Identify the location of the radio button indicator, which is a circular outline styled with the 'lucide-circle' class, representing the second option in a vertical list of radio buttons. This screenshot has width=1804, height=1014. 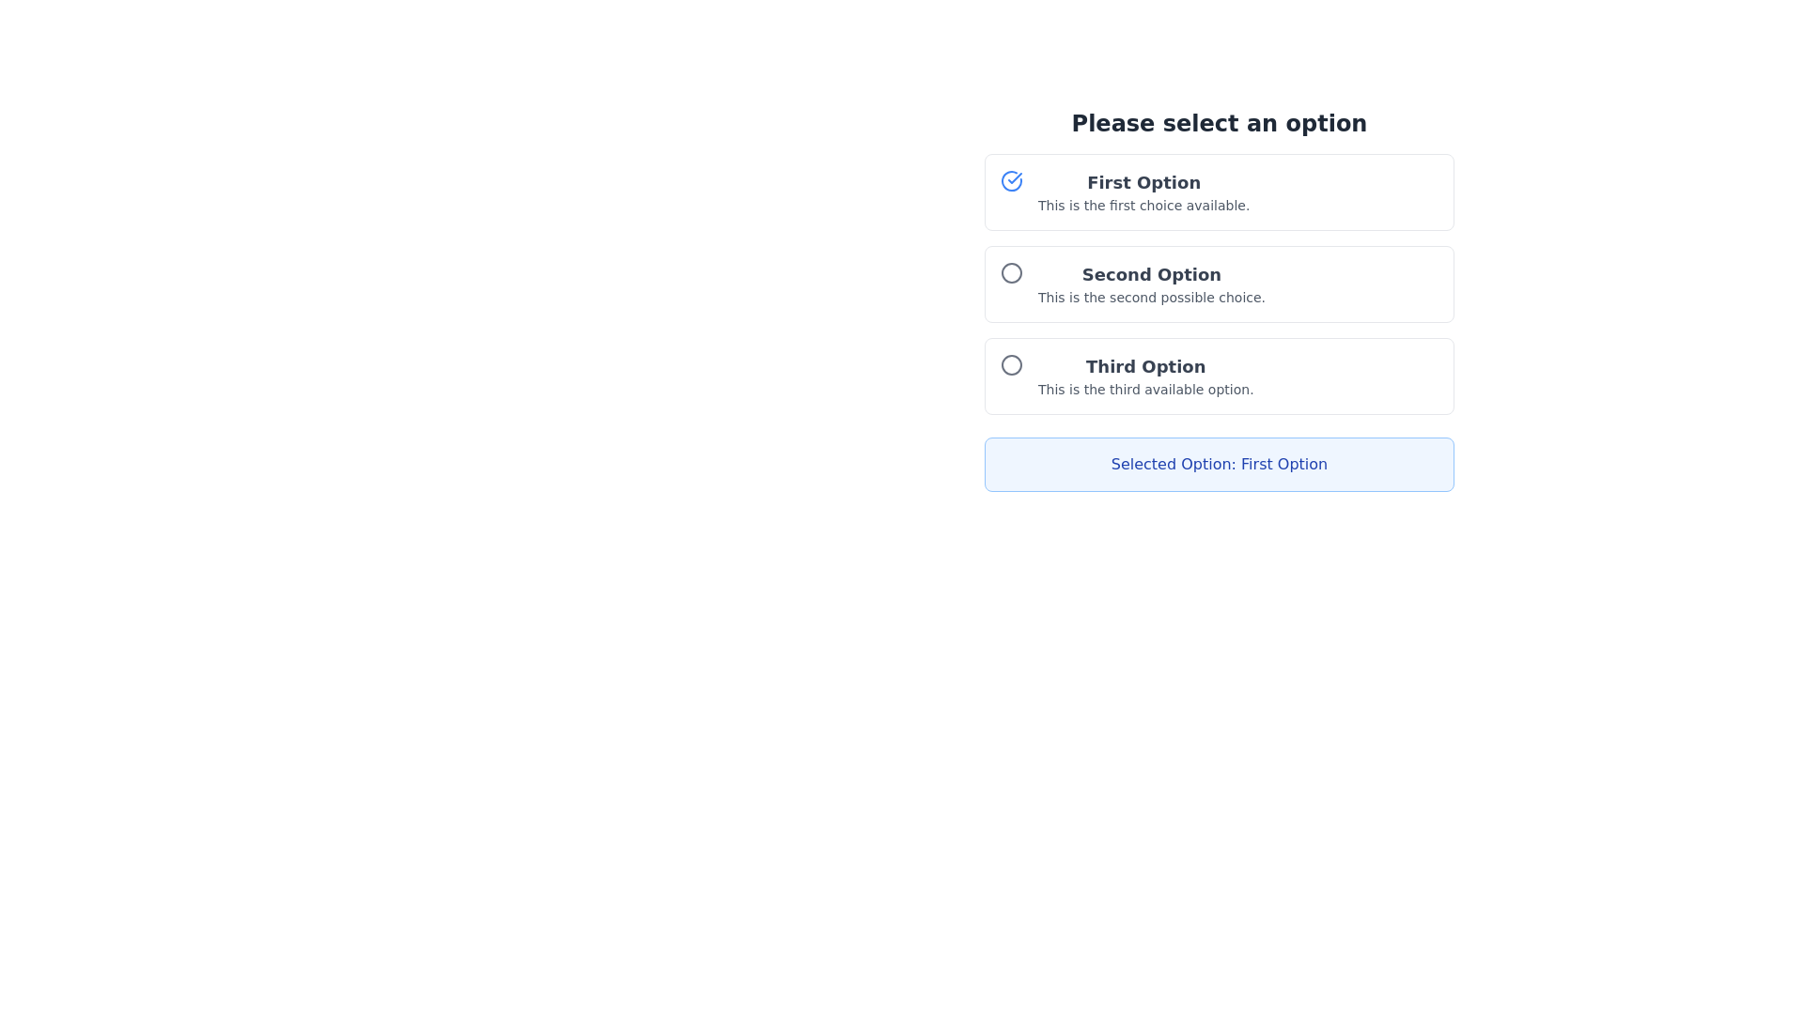
(1010, 272).